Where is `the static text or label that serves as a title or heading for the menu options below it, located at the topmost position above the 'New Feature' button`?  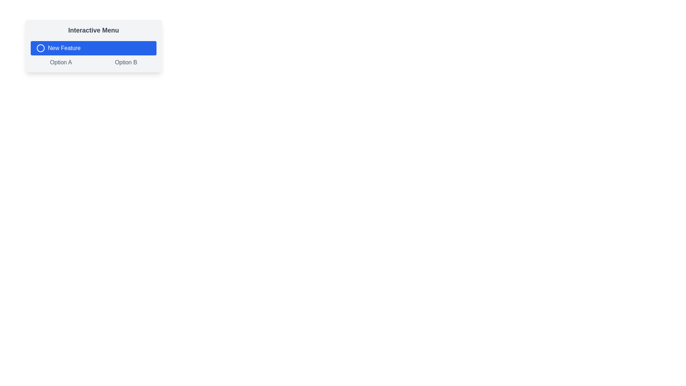
the static text or label that serves as a title or heading for the menu options below it, located at the topmost position above the 'New Feature' button is located at coordinates (93, 30).